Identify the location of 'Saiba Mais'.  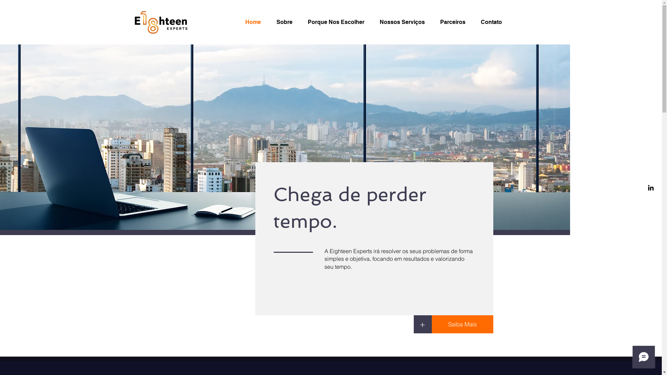
(462, 324).